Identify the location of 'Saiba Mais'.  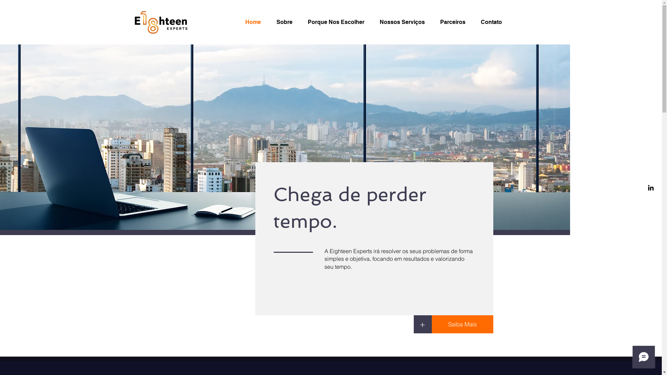
(462, 324).